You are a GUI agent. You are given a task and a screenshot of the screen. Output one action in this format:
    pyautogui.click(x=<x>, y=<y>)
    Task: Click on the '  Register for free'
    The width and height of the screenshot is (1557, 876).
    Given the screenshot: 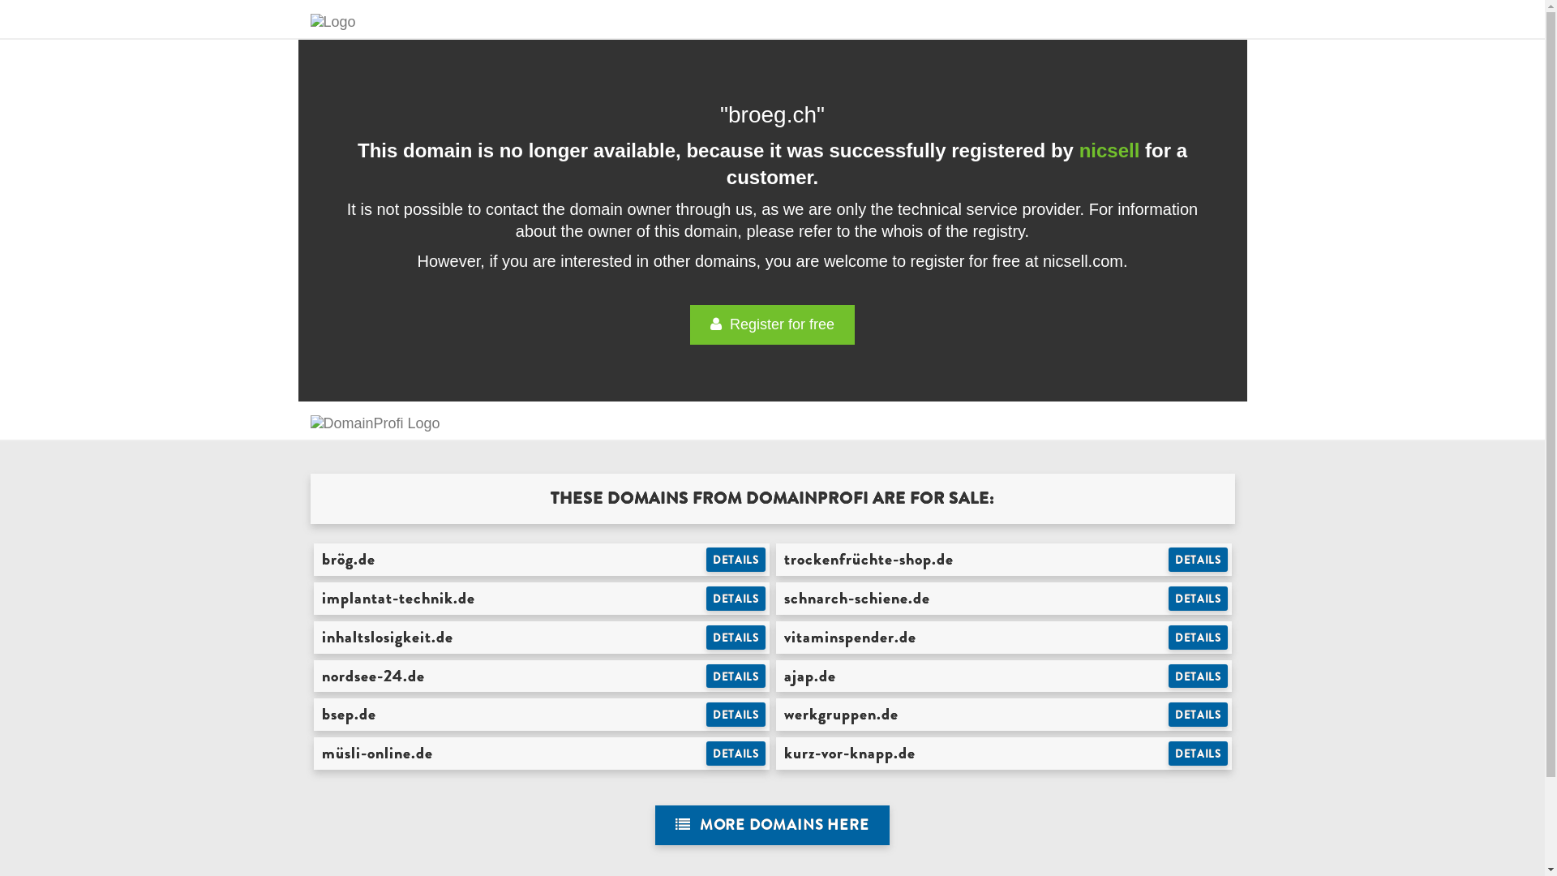 What is the action you would take?
    pyautogui.click(x=771, y=324)
    